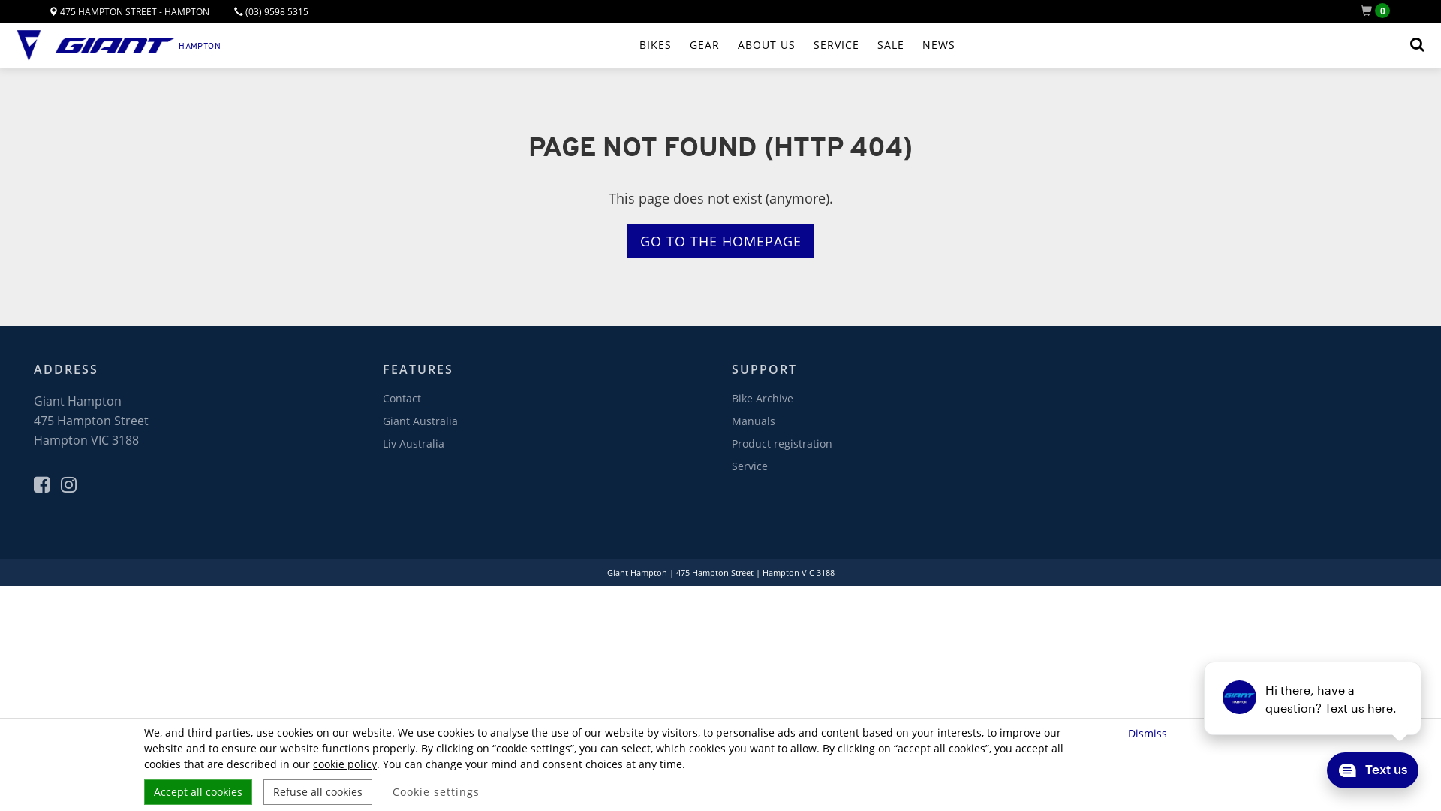 The height and width of the screenshot is (811, 1441). Describe the element at coordinates (317, 791) in the screenshot. I see `'Refuse all cookies'` at that location.